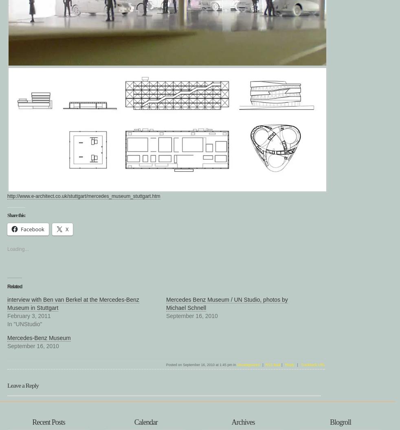  I want to click on 'Share this:', so click(15, 215).